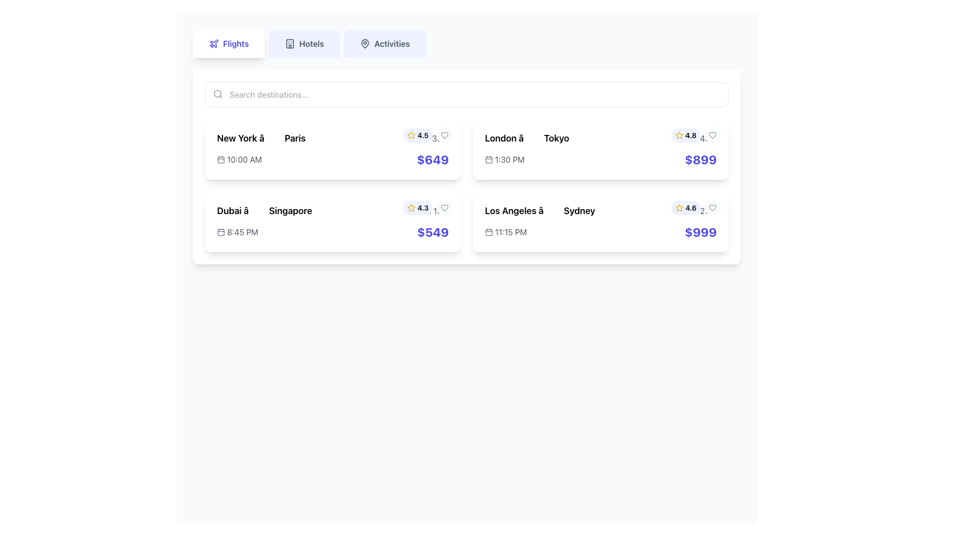  What do you see at coordinates (601, 221) in the screenshot?
I see `the interactive travel offer card located in the bottom right section of the interface to compare it with other offers` at bounding box center [601, 221].